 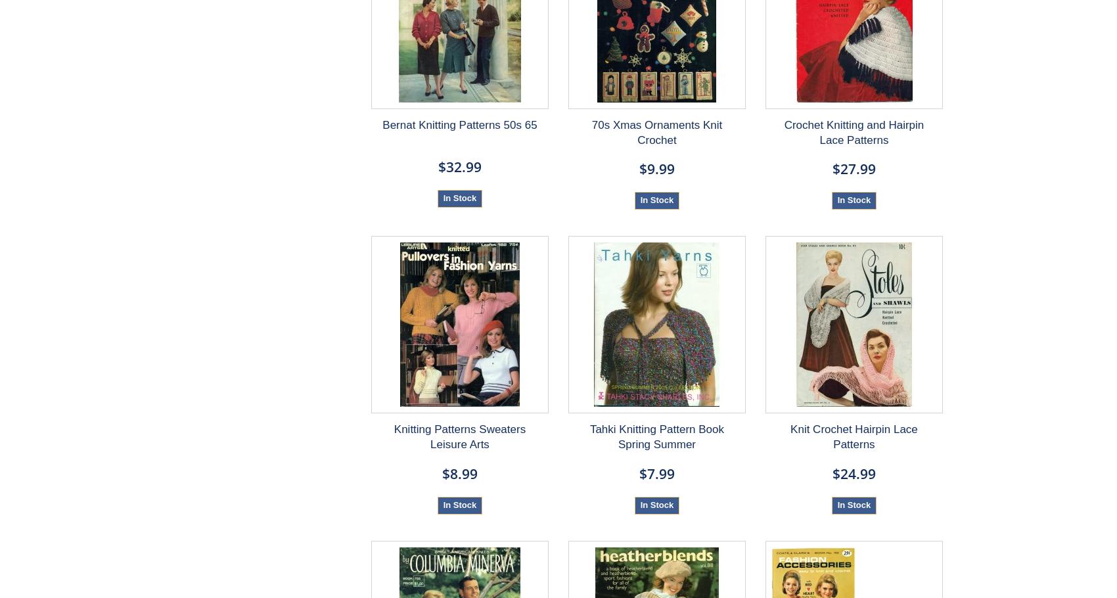 What do you see at coordinates (459, 472) in the screenshot?
I see `'$8.99'` at bounding box center [459, 472].